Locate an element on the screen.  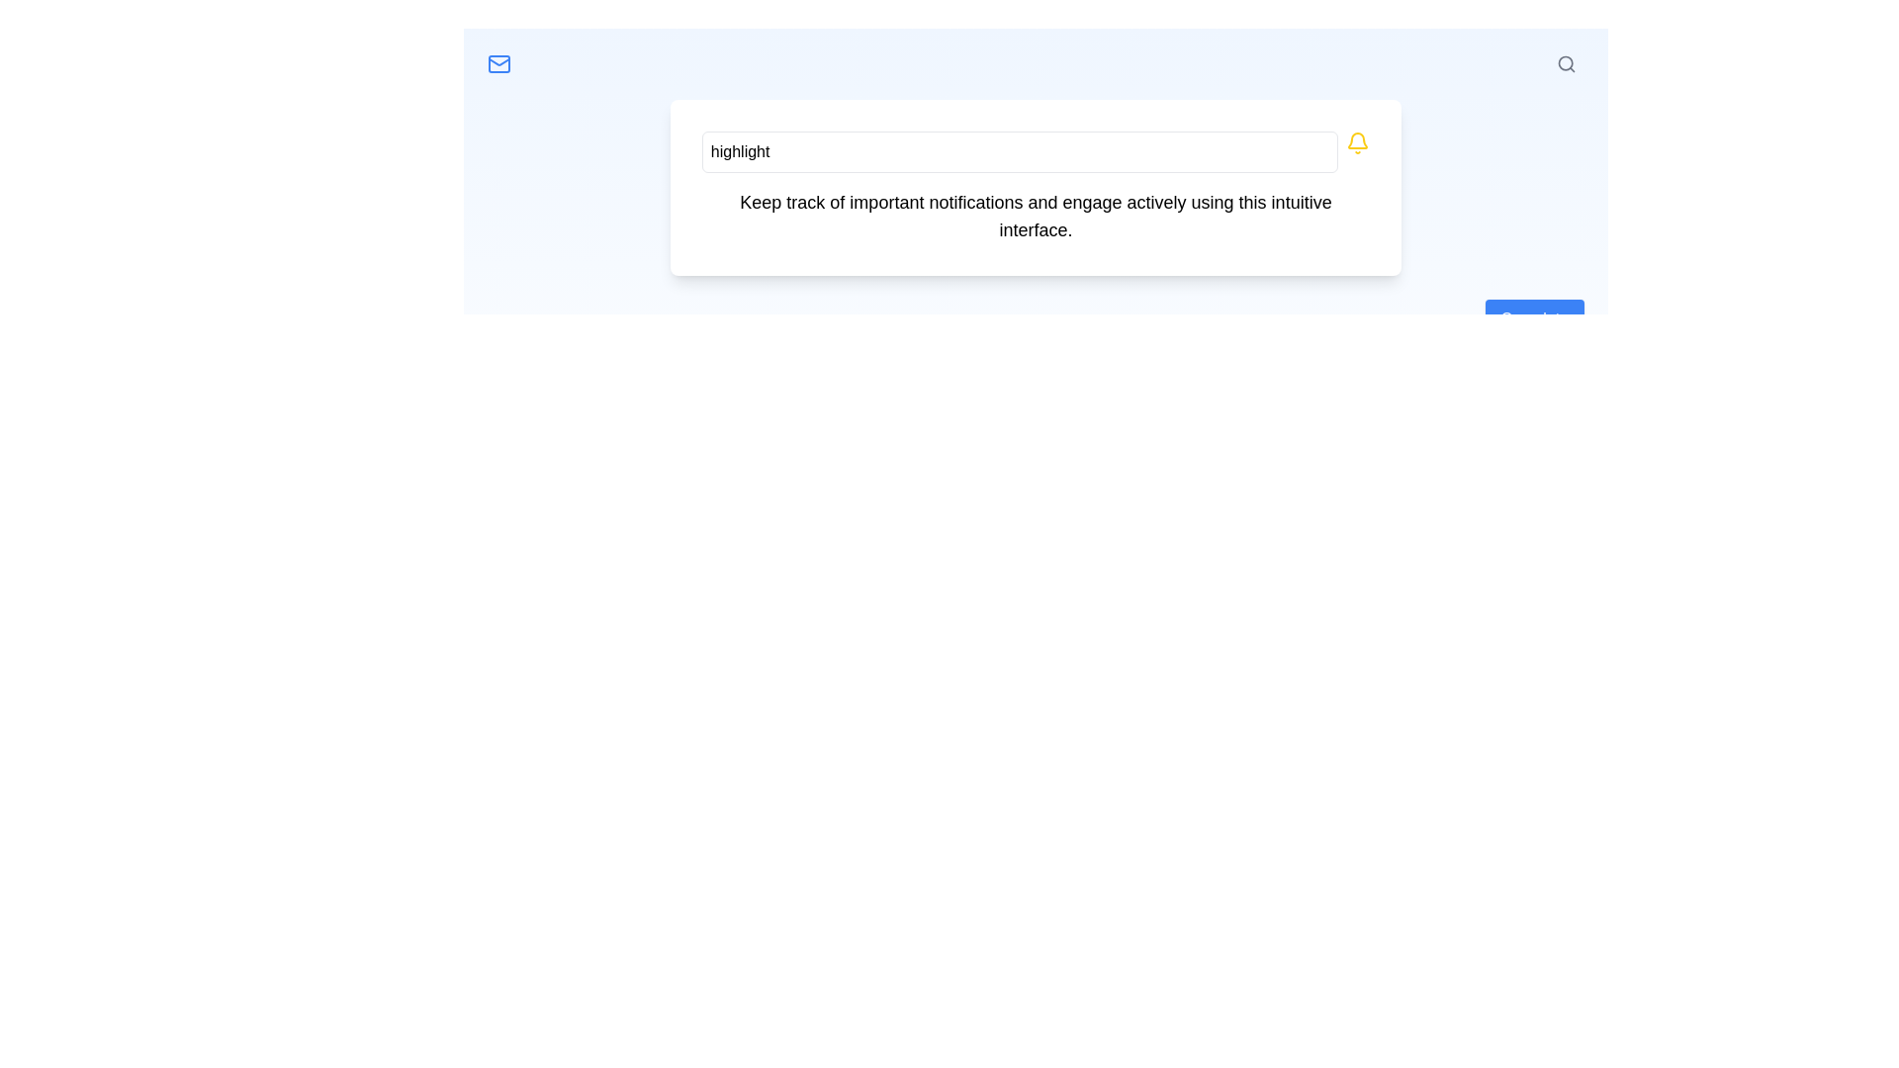
the vibrant blue envelope icon located at the top-left corner of the interface is located at coordinates (498, 63).